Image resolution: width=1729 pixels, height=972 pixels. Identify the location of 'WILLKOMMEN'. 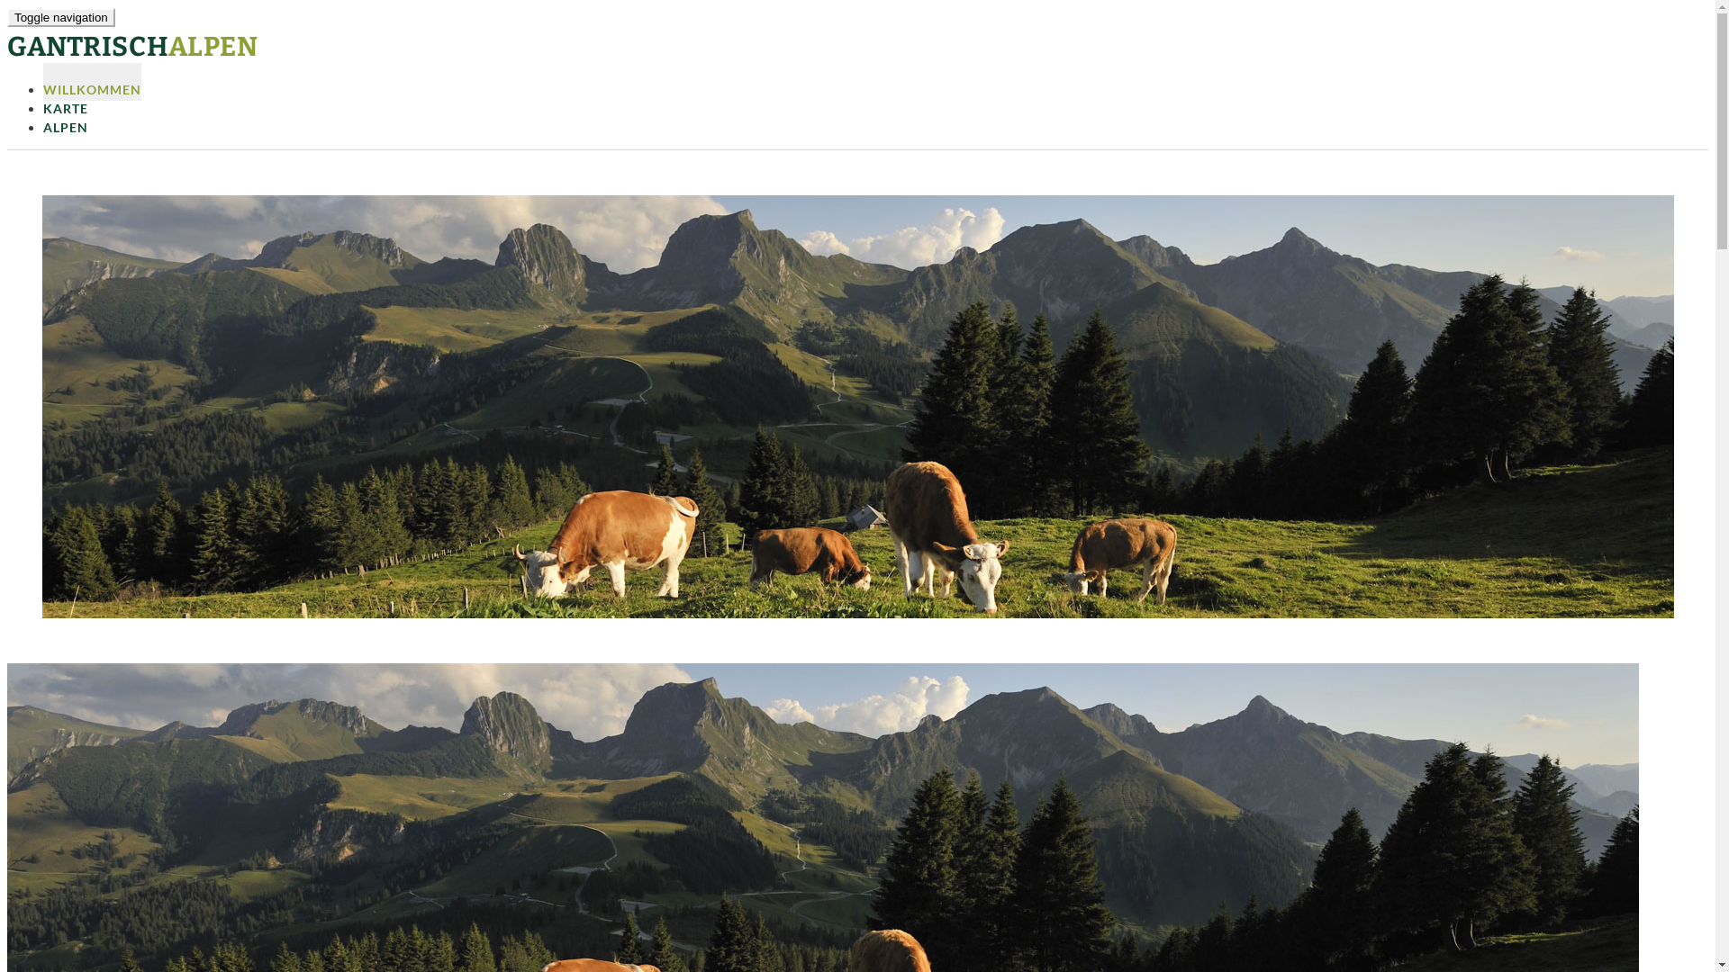
(91, 82).